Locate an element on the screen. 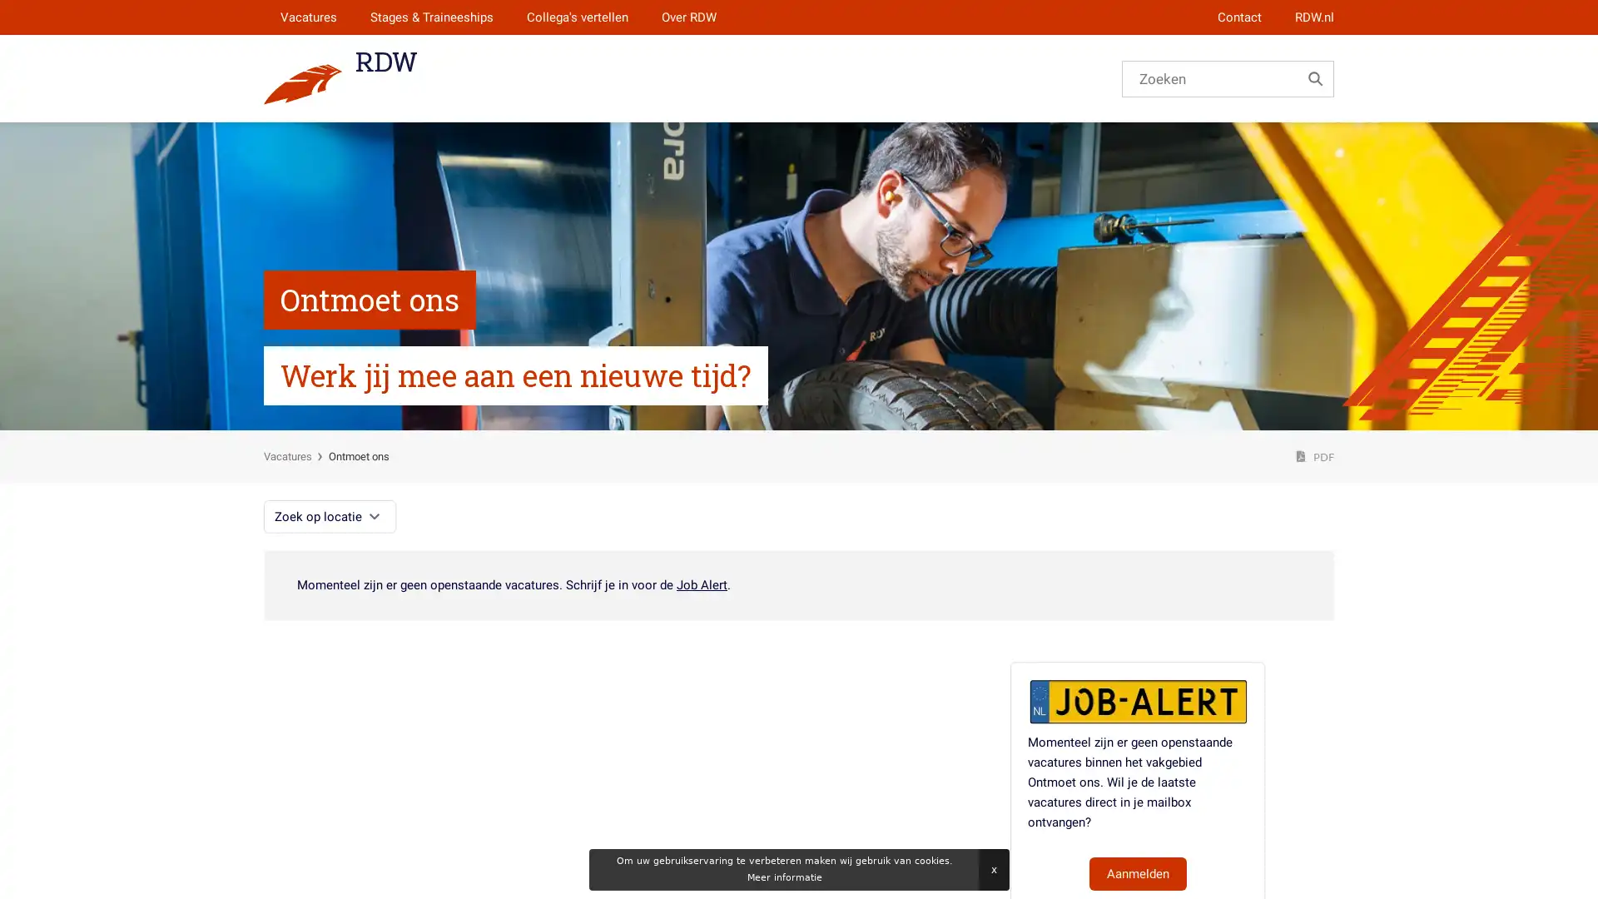  Sluiten is located at coordinates (993, 869).